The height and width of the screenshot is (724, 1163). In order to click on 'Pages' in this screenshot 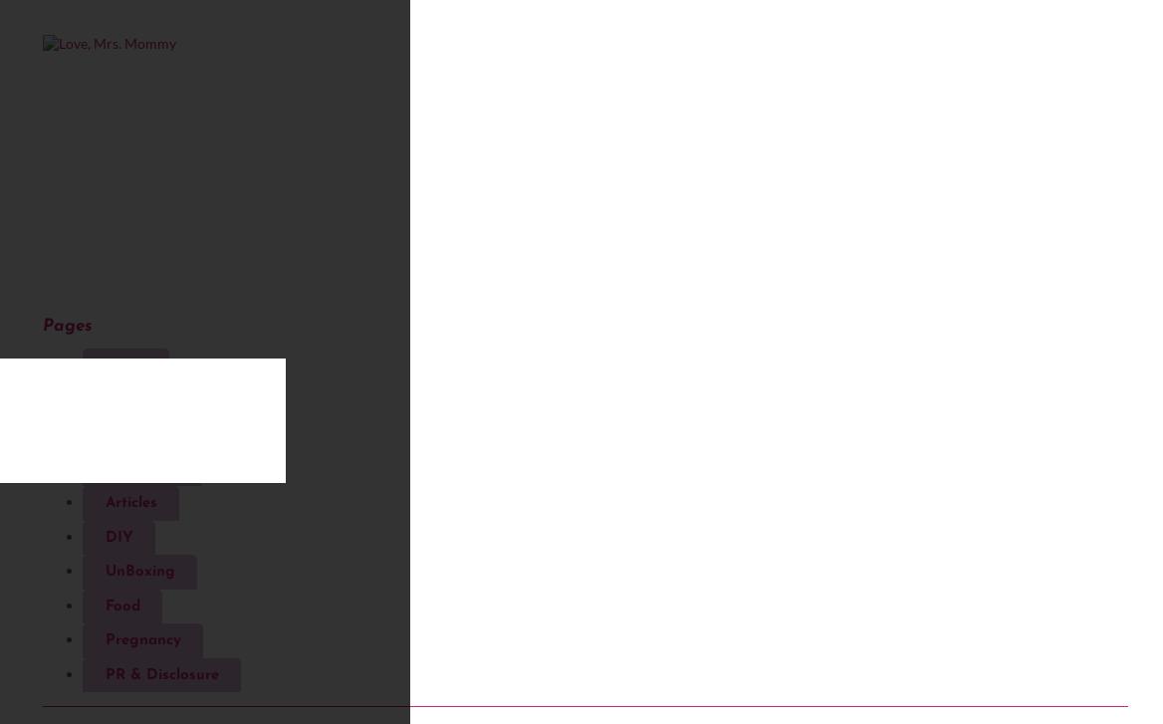, I will do `click(67, 326)`.